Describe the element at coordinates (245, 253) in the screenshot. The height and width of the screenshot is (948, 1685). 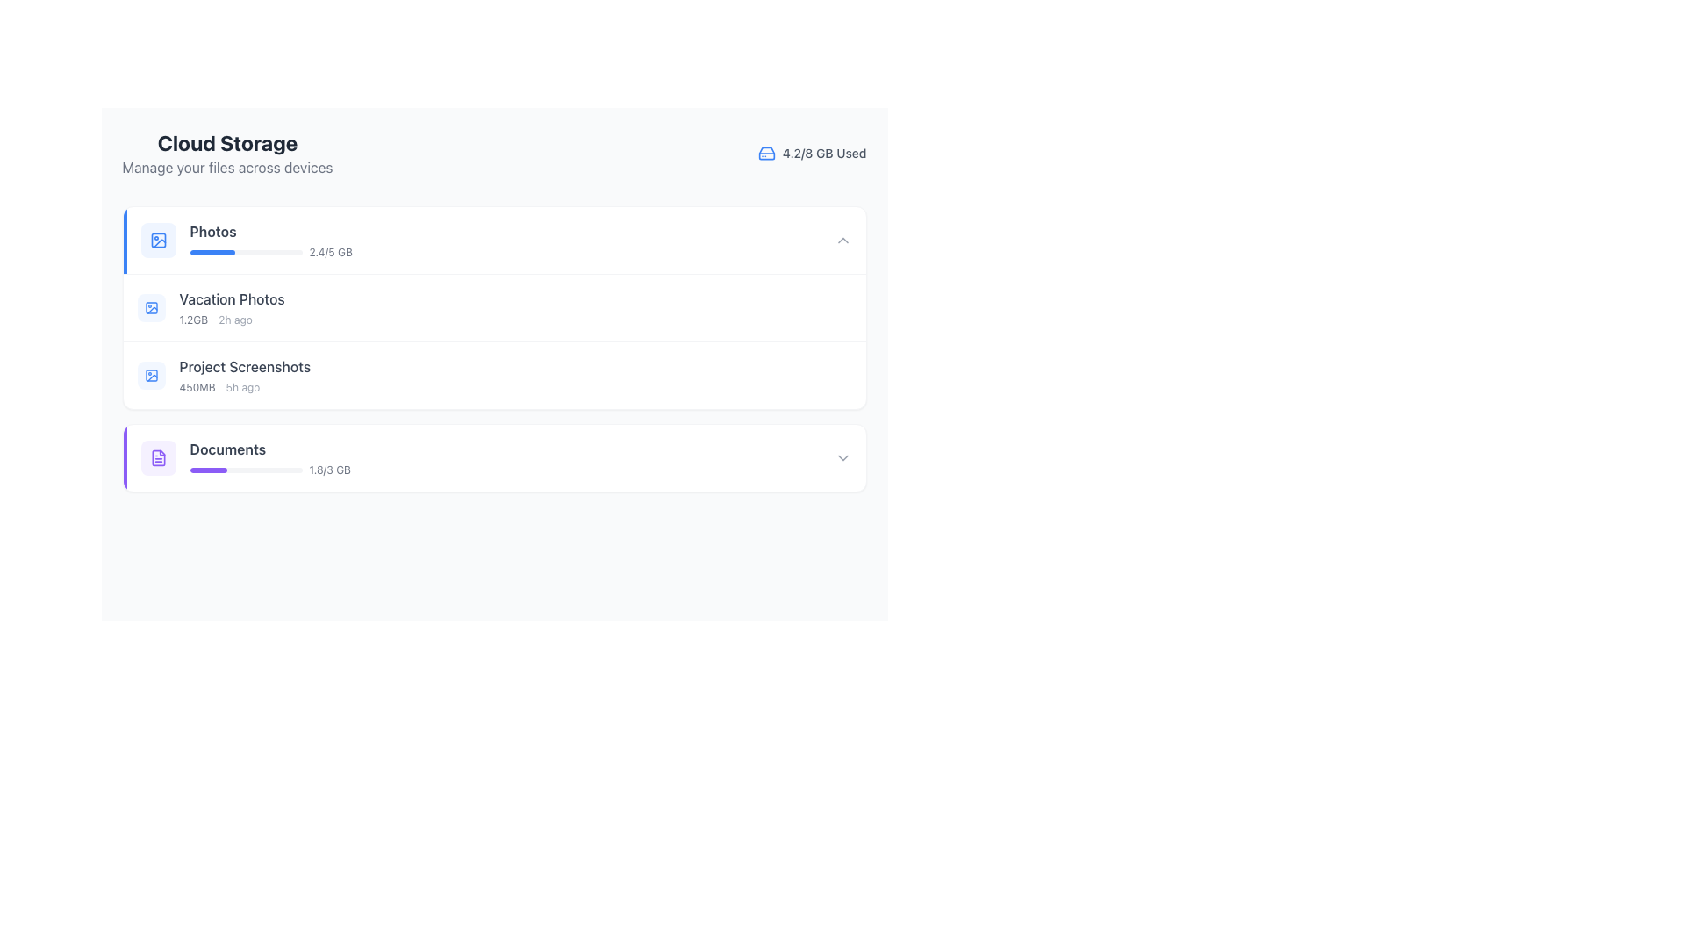
I see `the horizontally-oriented progress bar in the 'Photos' section of the 'Cloud Storage' interface, which is represented by a light gray background and a blue-filled section indicating 40% progress` at that location.